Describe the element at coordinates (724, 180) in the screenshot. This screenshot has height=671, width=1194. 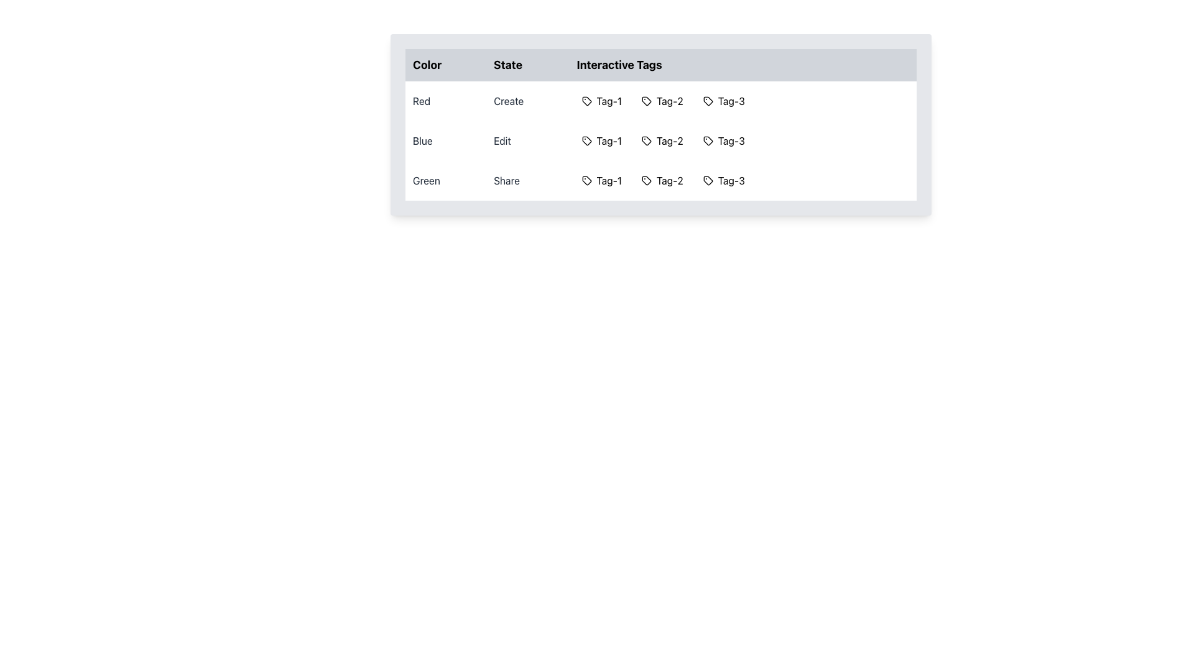
I see `the 'Tag-3' button located in the 'Interactive Tags' column under the 'Green' row to change its background color` at that location.